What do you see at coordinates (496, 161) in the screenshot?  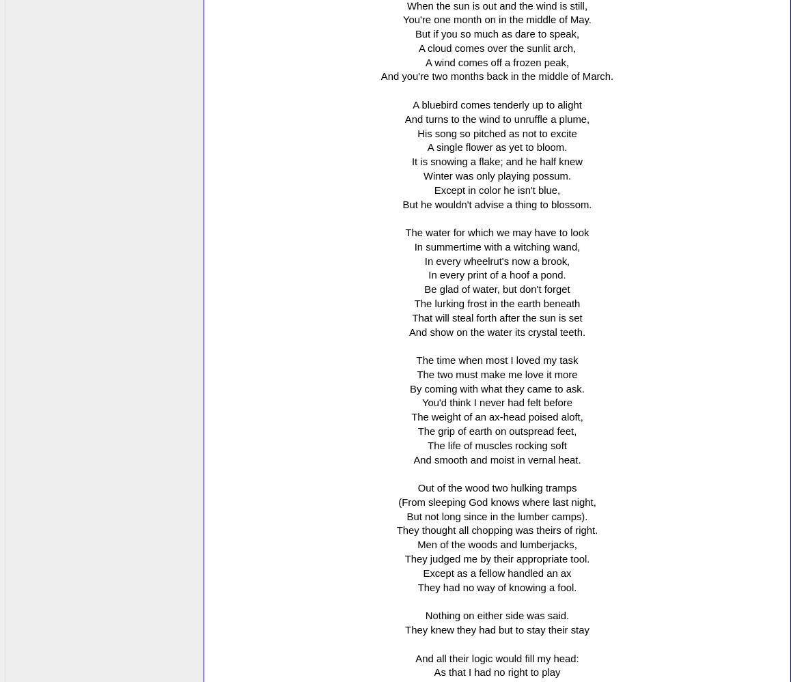 I see `'It is snowing a flake; and he half knew'` at bounding box center [496, 161].